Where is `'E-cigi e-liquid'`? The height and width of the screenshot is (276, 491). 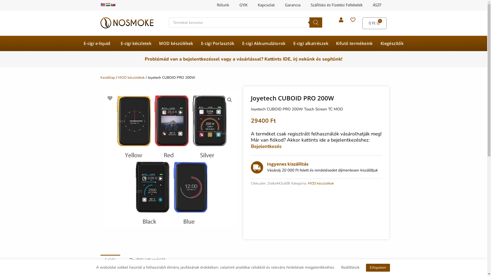 'E-cigi e-liquid' is located at coordinates (98, 43).